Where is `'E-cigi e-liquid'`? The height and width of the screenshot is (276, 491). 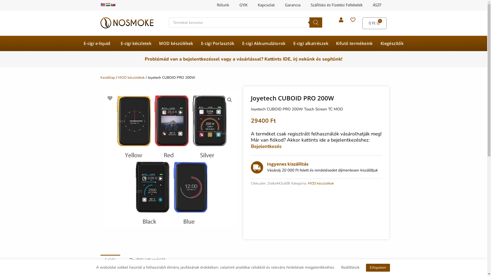 'E-cigi e-liquid' is located at coordinates (98, 43).